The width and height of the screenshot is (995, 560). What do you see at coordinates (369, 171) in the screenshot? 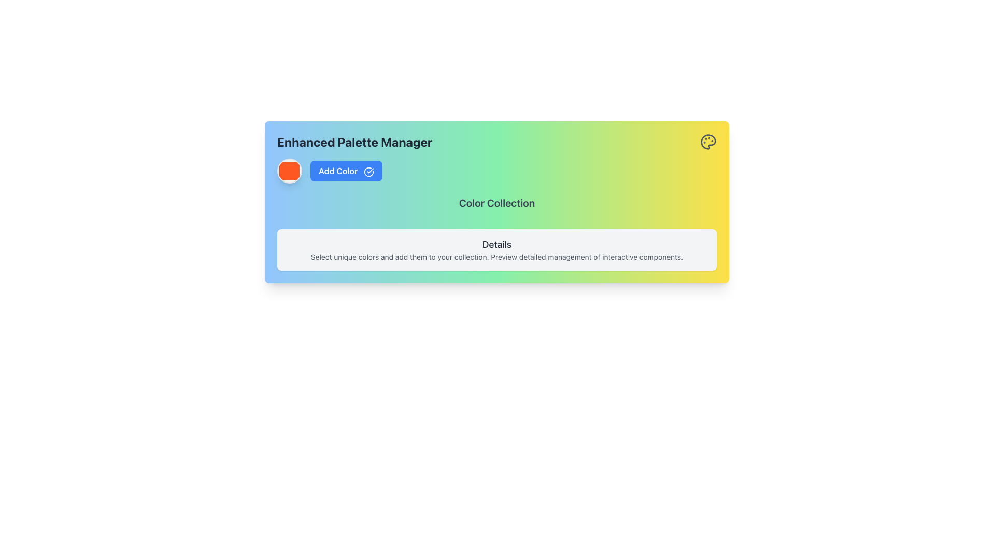
I see `the circular checkmark SVG icon located to the right of the 'Add Color' button, which serves as an indicator associated with the button` at bounding box center [369, 171].